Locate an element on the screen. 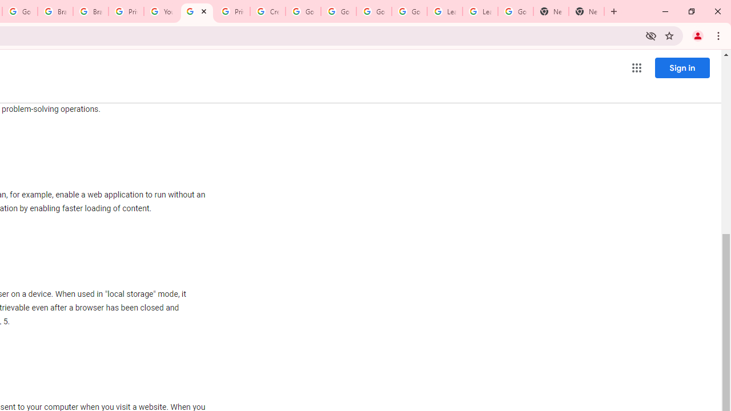 The height and width of the screenshot is (411, 731). 'New Tab' is located at coordinates (551, 11).